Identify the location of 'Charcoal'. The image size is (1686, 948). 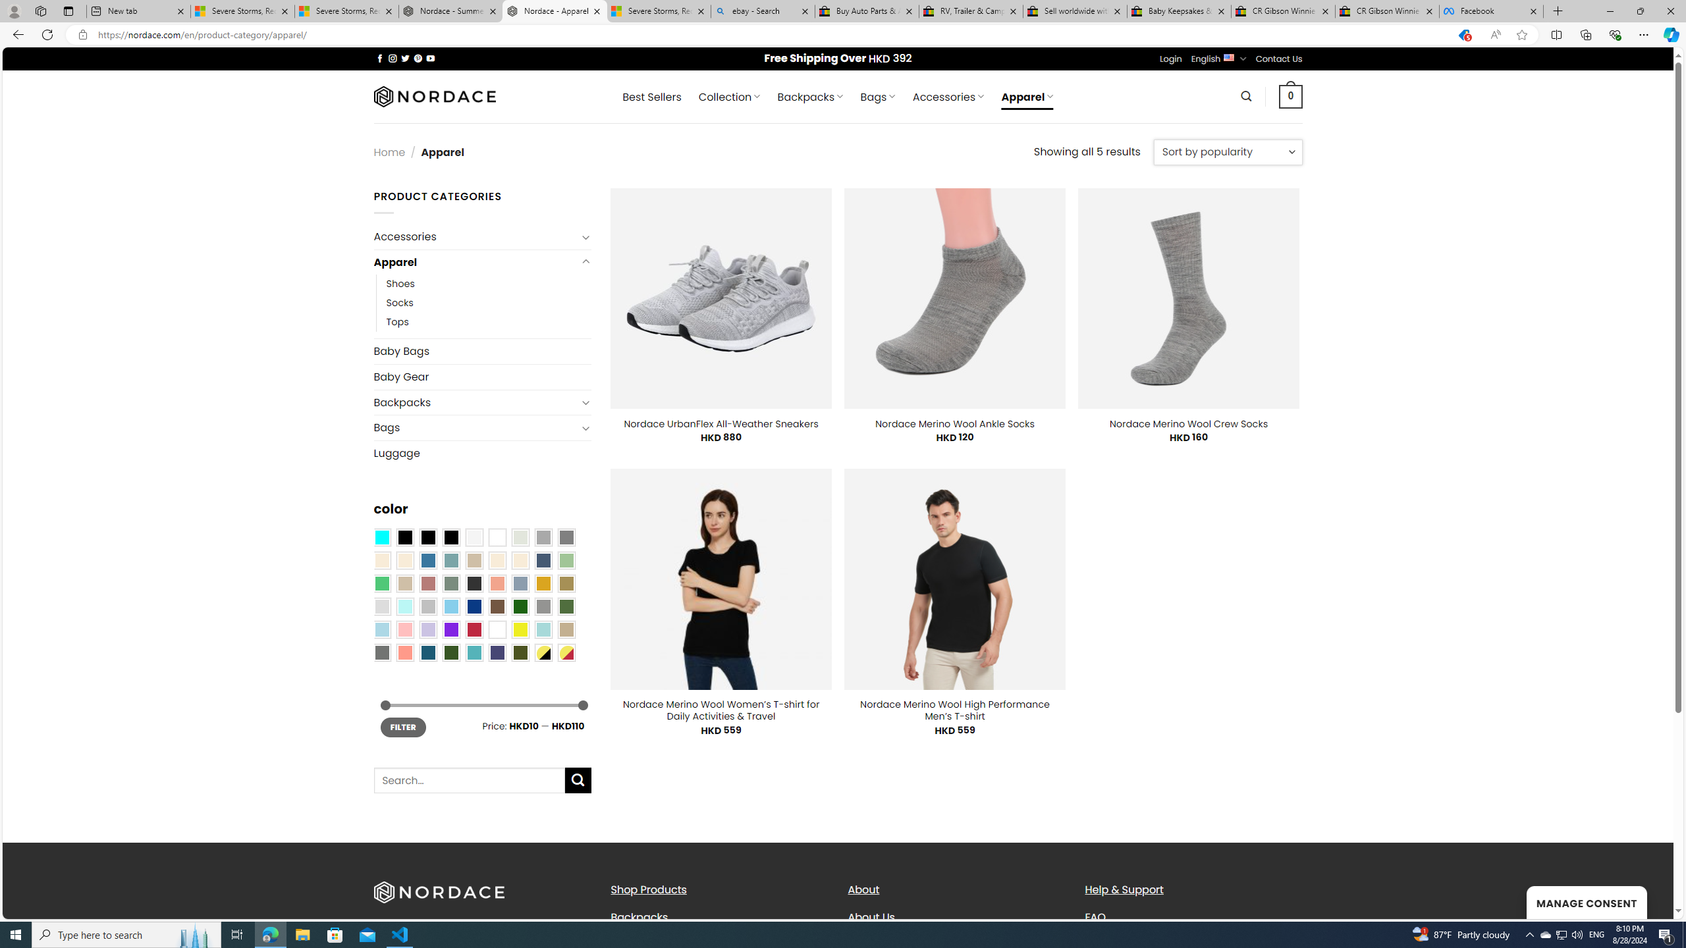
(473, 582).